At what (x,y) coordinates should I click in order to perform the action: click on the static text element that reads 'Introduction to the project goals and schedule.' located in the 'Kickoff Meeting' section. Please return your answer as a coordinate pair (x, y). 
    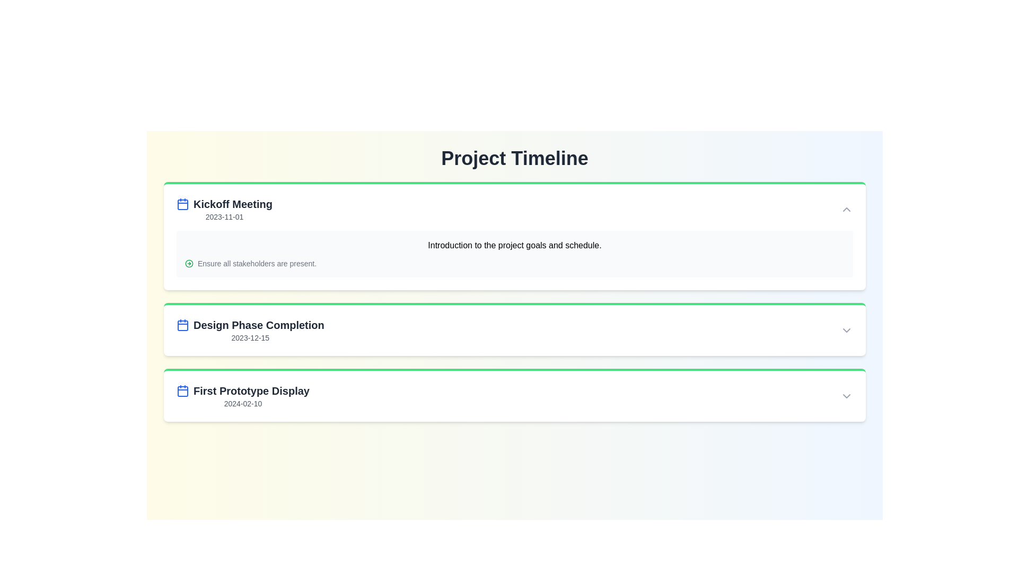
    Looking at the image, I should click on (514, 245).